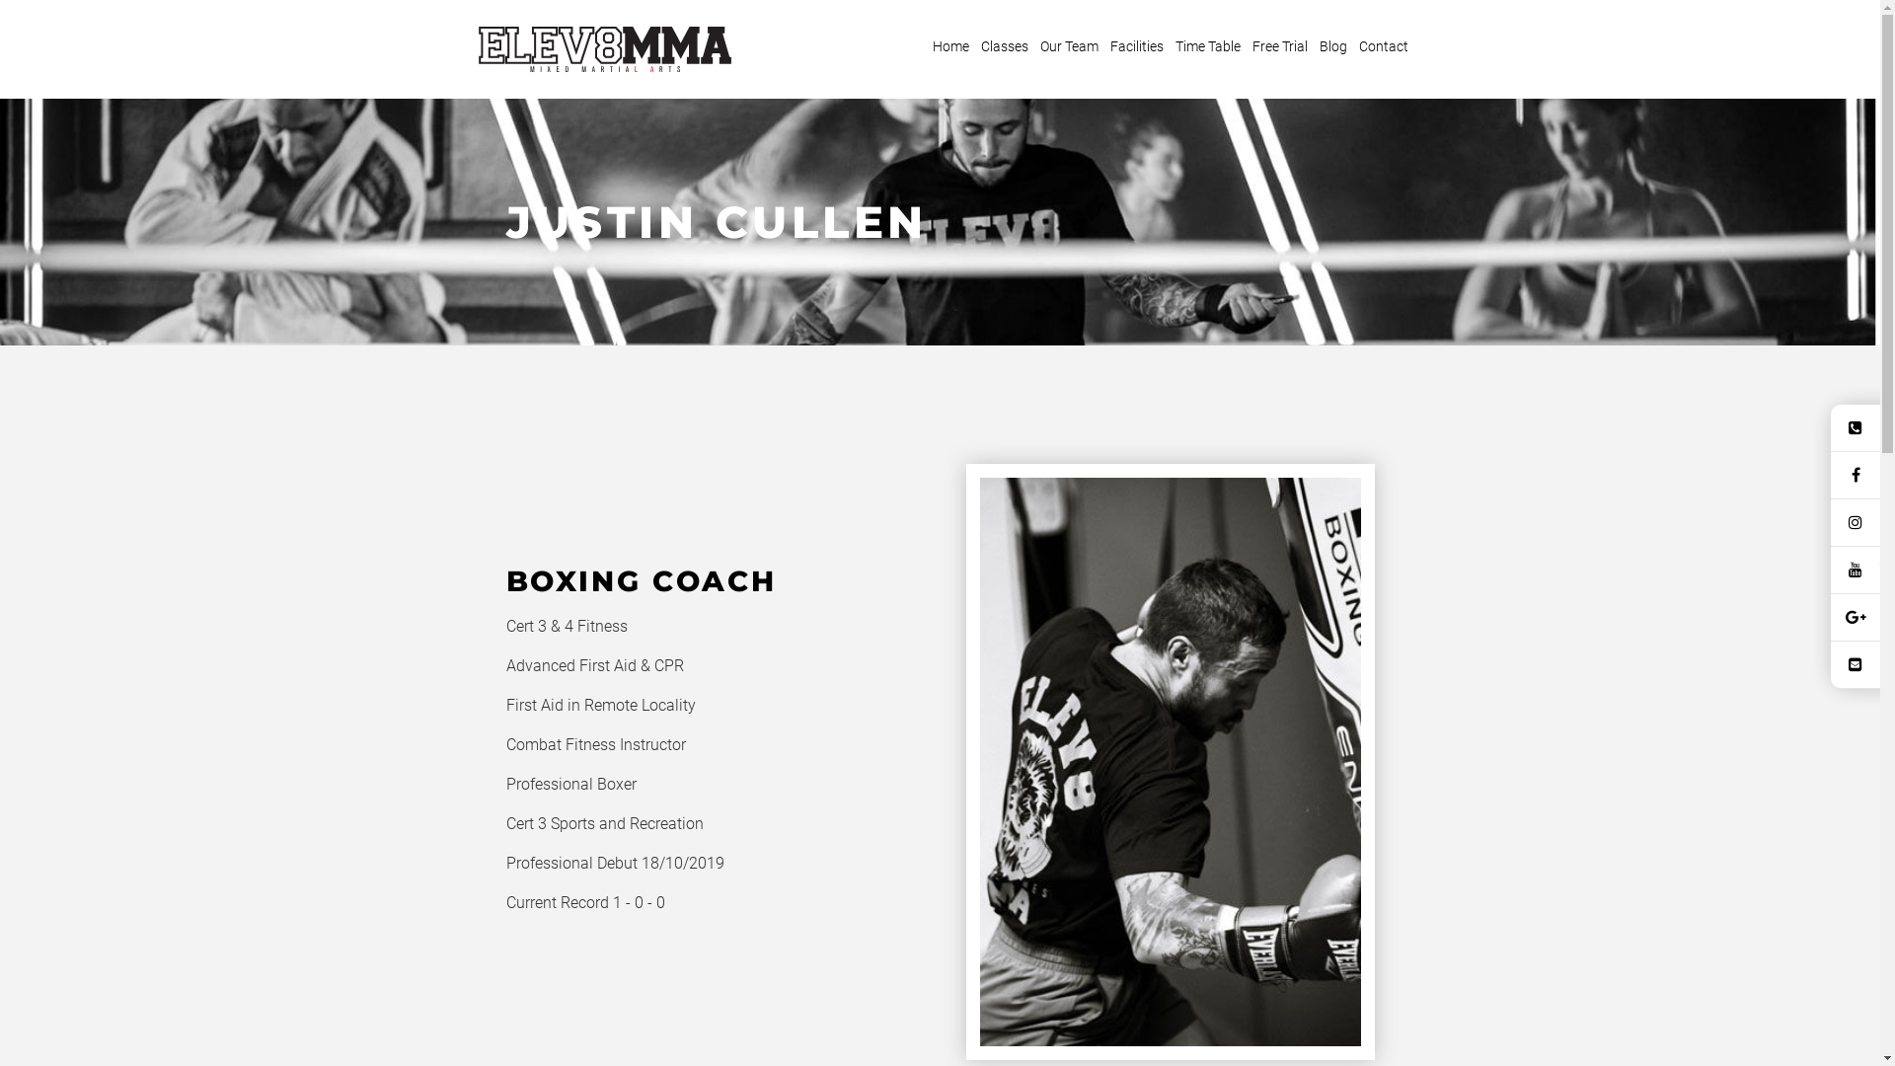 This screenshot has height=1066, width=1895. What do you see at coordinates (1207, 45) in the screenshot?
I see `'Time Table'` at bounding box center [1207, 45].